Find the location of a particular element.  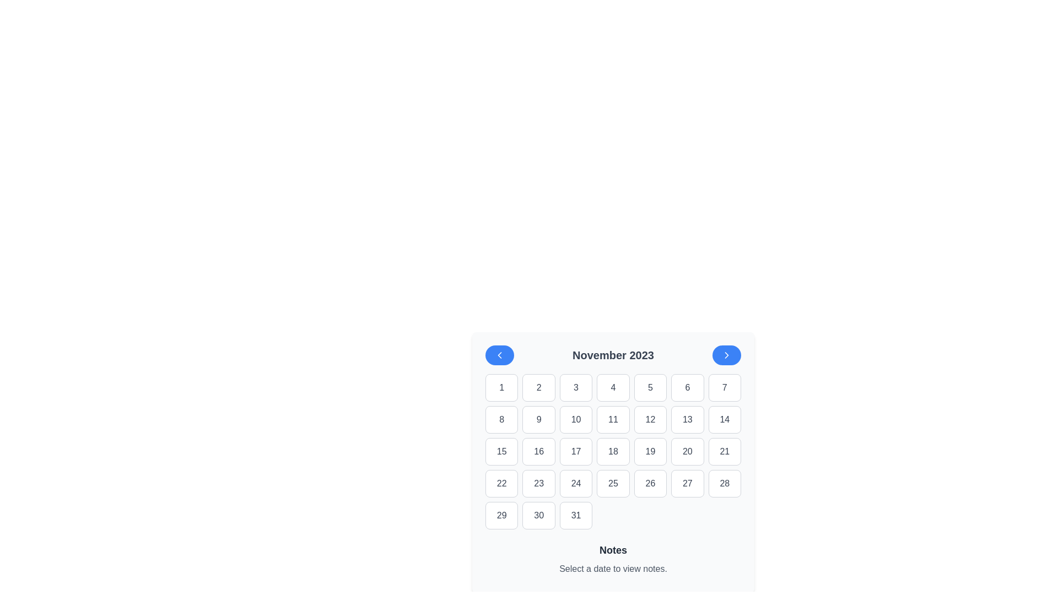

the squared button with rounded corners that displays the number '22' in dark grey, located in the fourth row and first column of the calendar grid is located at coordinates (501, 483).